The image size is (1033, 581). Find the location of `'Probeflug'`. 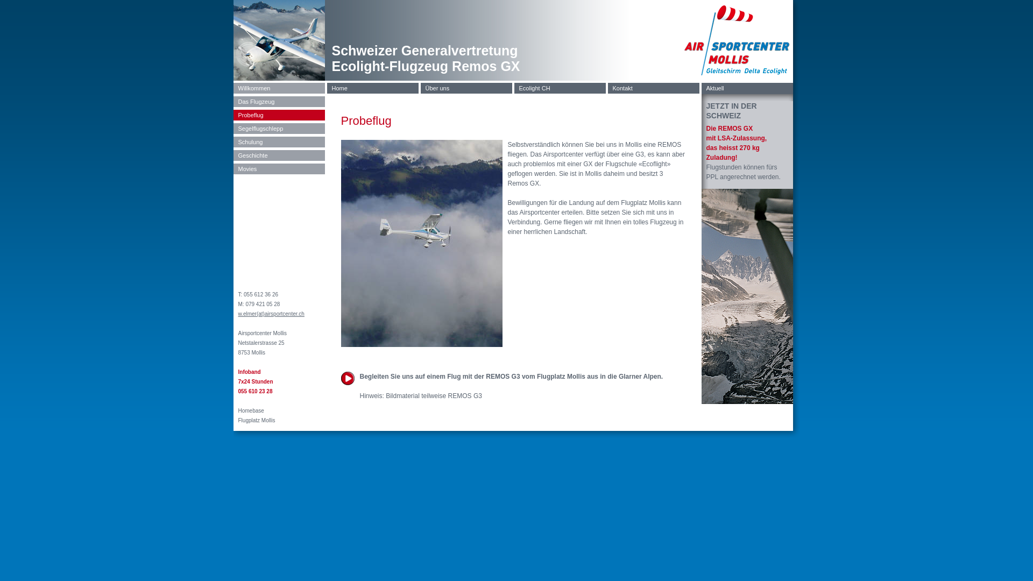

'Probeflug' is located at coordinates (279, 115).